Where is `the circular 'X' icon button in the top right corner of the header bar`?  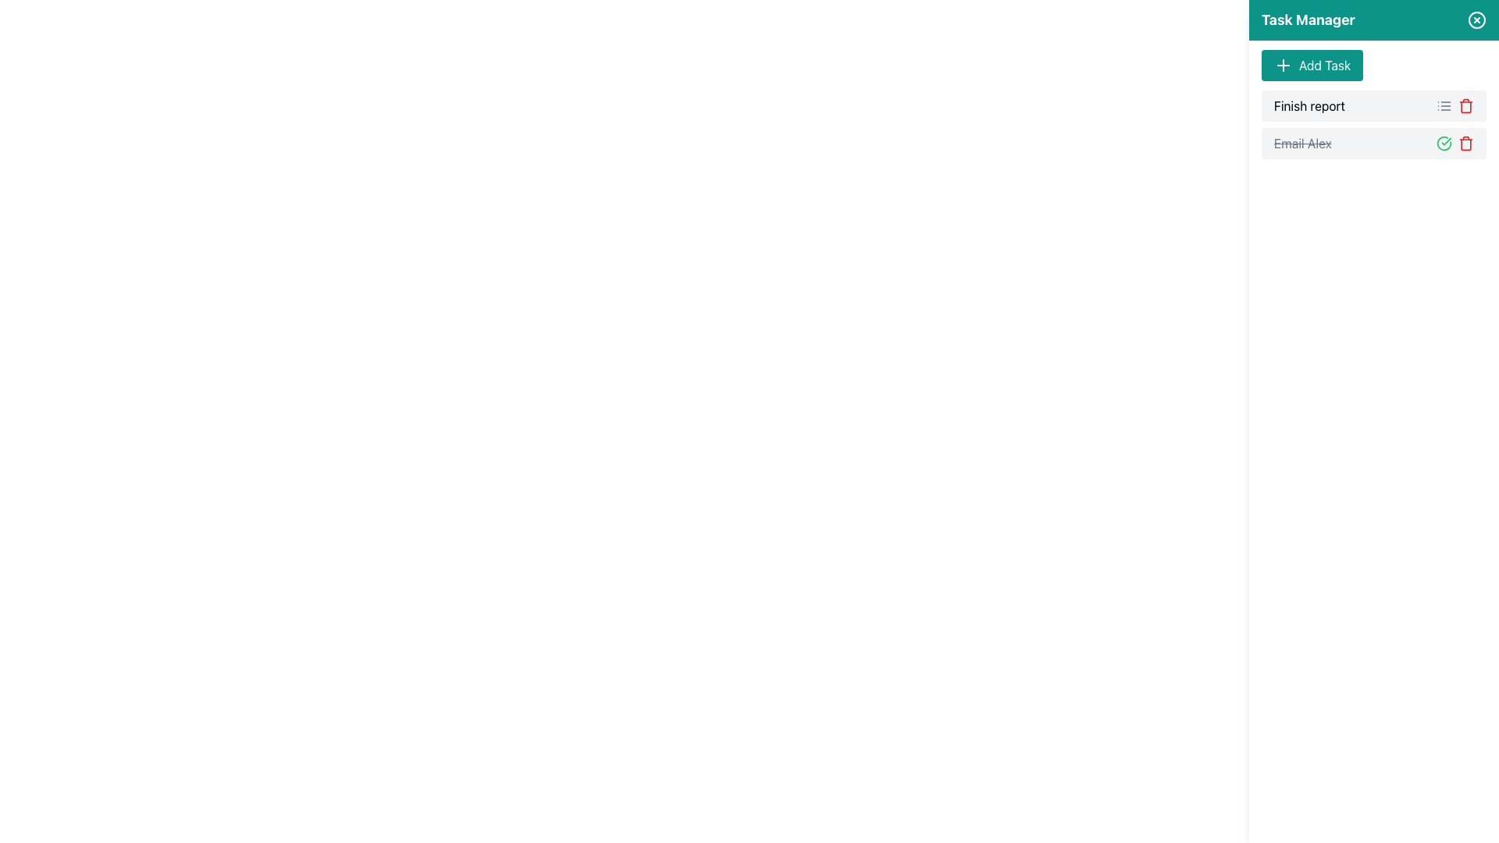 the circular 'X' icon button in the top right corner of the header bar is located at coordinates (1476, 20).